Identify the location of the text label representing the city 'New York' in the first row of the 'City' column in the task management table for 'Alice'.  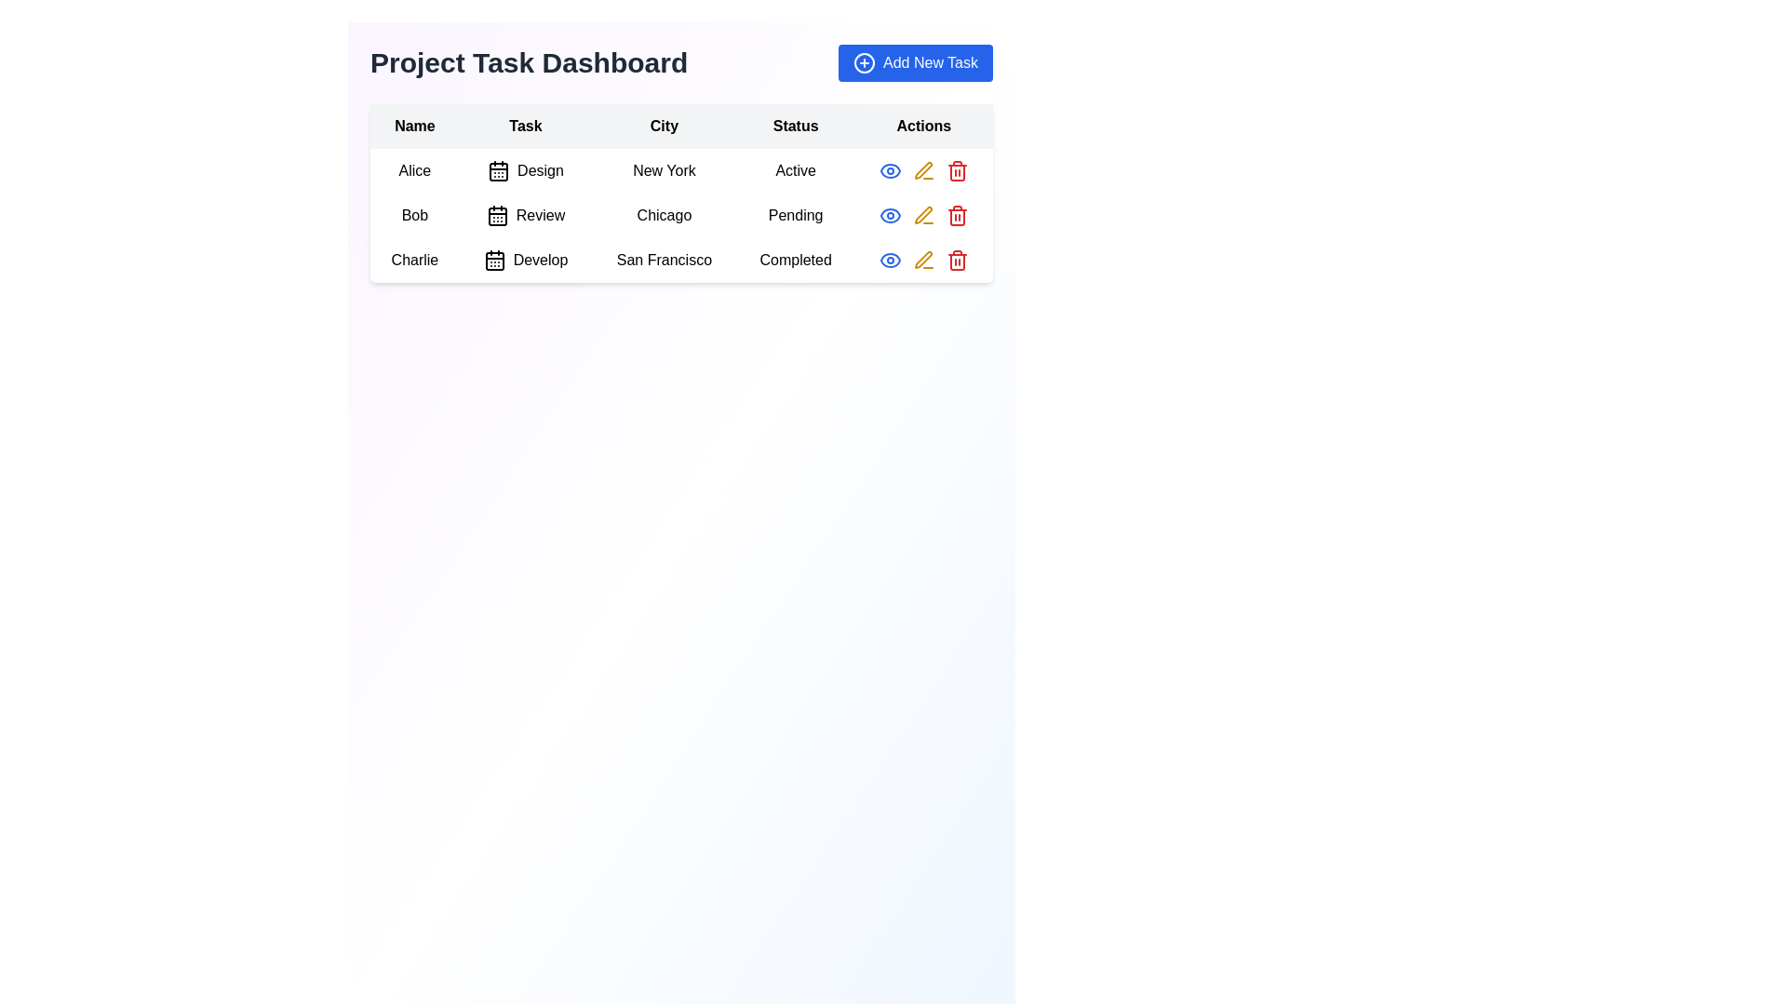
(664, 171).